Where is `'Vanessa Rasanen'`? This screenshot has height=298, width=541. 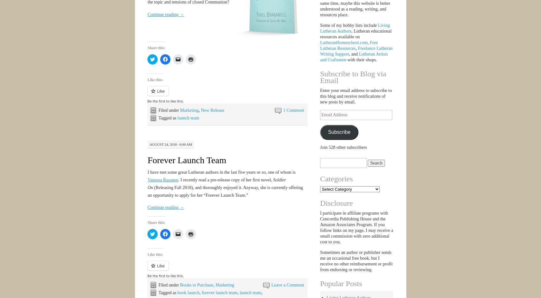
'Vanessa Rasanen' is located at coordinates (162, 180).